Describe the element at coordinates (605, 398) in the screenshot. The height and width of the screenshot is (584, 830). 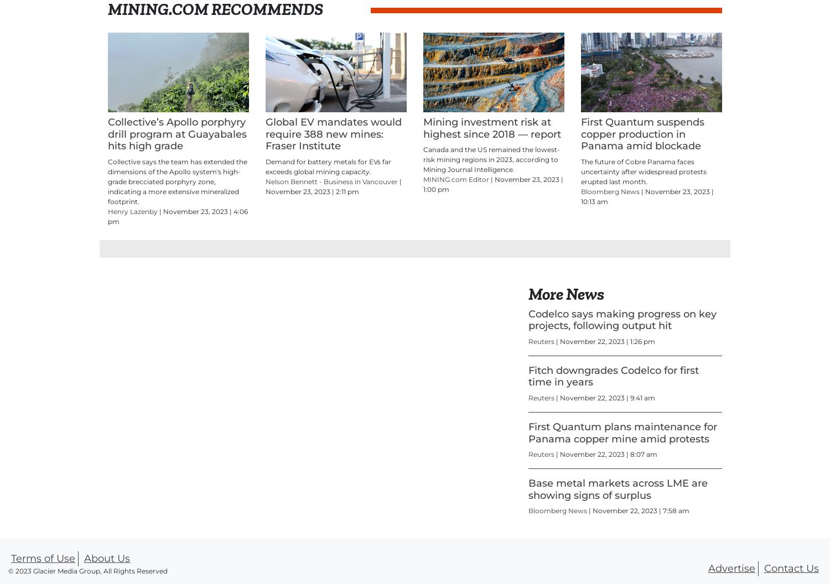
I see `'| November 22, 2023 | 9:41 am'` at that location.